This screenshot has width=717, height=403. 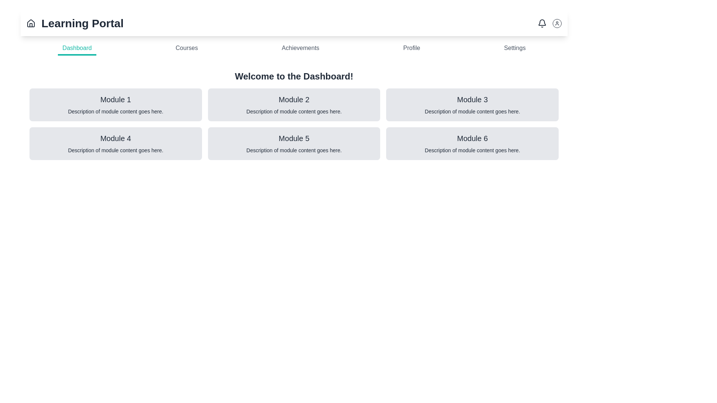 I want to click on the 'Learning Portal' title and home icon in the top navigation bar, so click(x=75, y=23).